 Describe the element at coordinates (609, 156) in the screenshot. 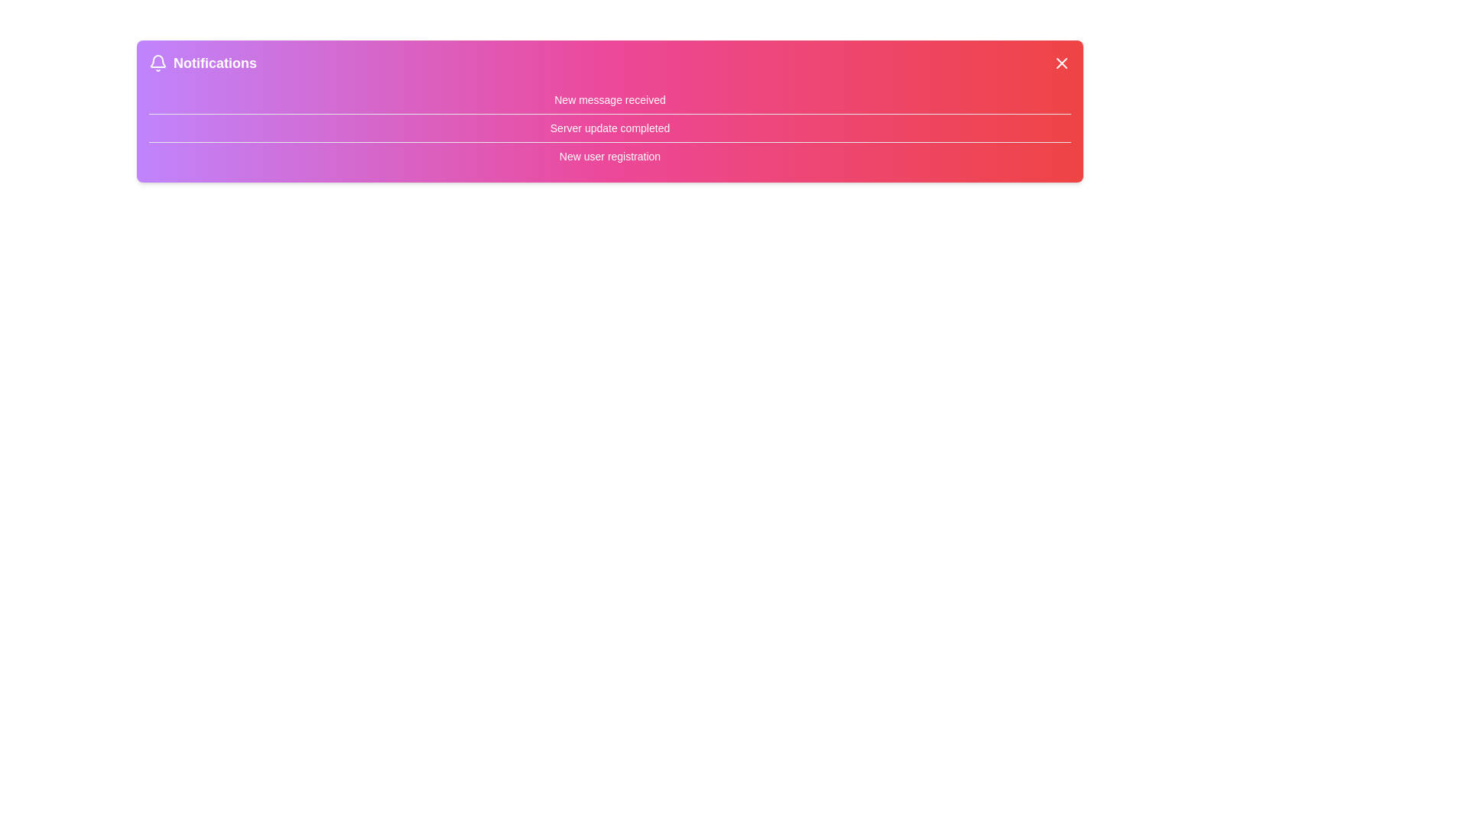

I see `the static text notification element indicating a new user registration event, which is the last item in a vertical list of notifications` at that location.